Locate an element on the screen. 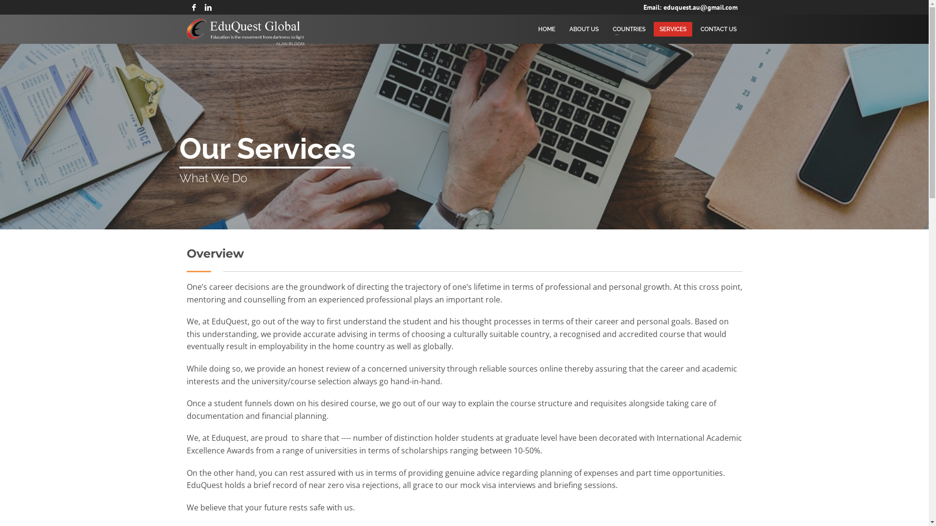 The width and height of the screenshot is (936, 526). 'SERVICES' is located at coordinates (672, 29).